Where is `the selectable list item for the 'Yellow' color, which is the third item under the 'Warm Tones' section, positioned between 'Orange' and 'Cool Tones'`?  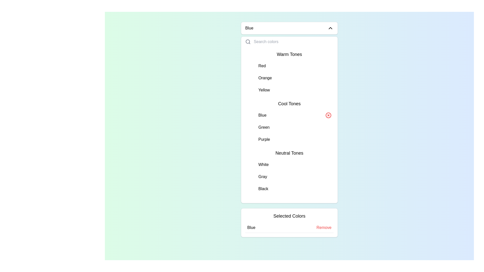 the selectable list item for the 'Yellow' color, which is the third item under the 'Warm Tones' section, positioned between 'Orange' and 'Cool Tones' is located at coordinates (289, 90).